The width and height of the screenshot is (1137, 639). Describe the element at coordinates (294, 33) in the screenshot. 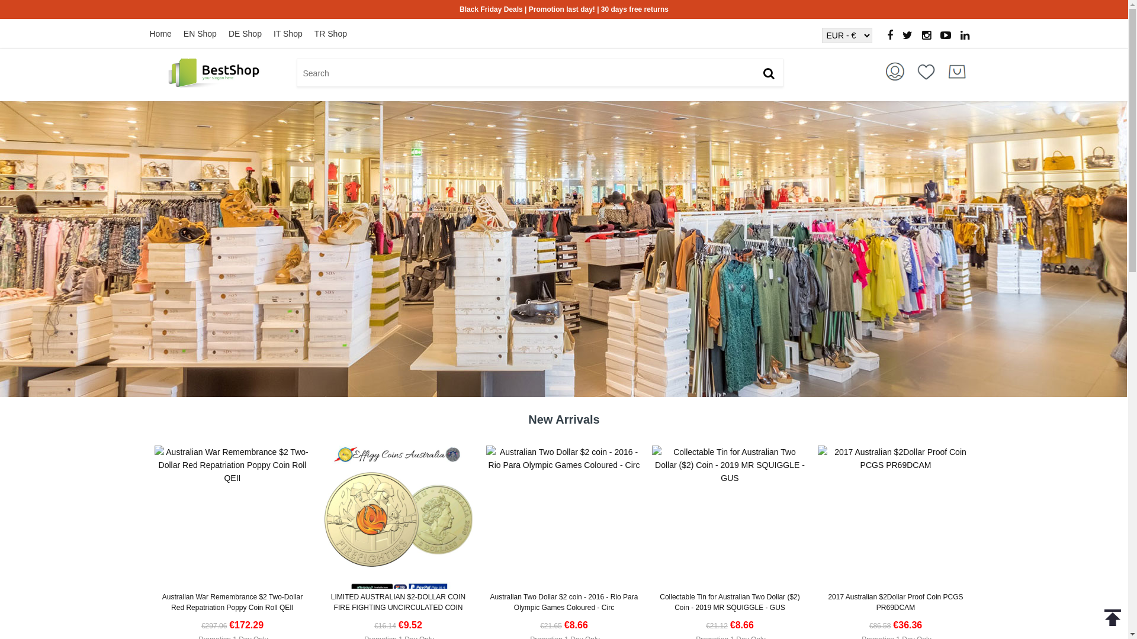

I see `'IT Shop'` at that location.